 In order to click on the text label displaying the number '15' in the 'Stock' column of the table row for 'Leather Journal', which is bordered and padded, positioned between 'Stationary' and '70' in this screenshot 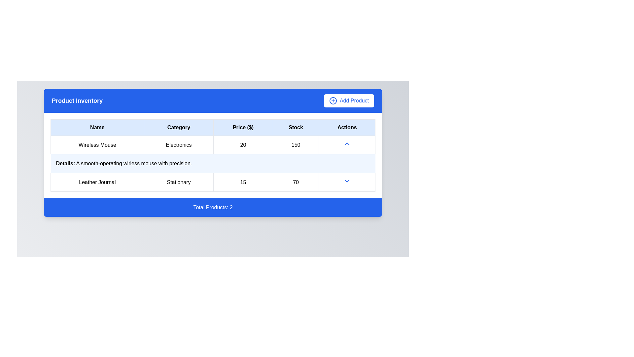, I will do `click(243, 182)`.